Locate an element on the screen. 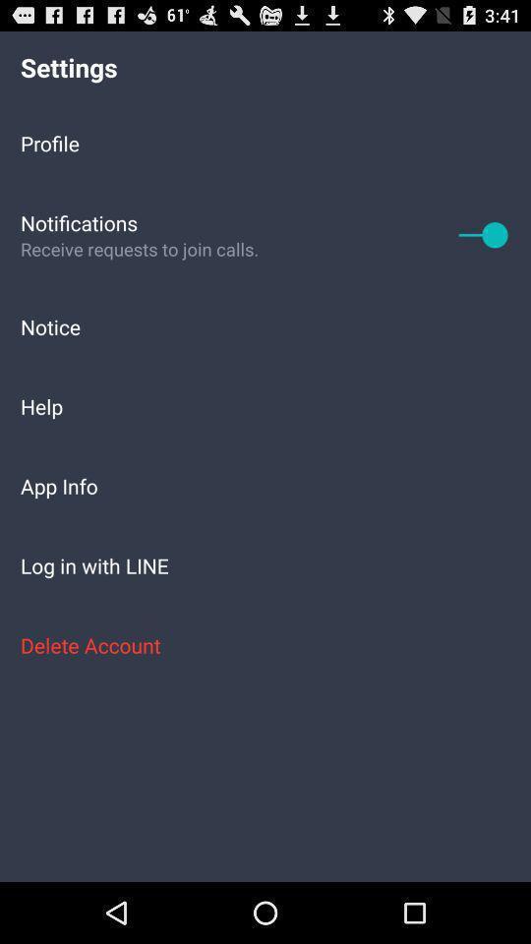  the add icon is located at coordinates (483, 250).